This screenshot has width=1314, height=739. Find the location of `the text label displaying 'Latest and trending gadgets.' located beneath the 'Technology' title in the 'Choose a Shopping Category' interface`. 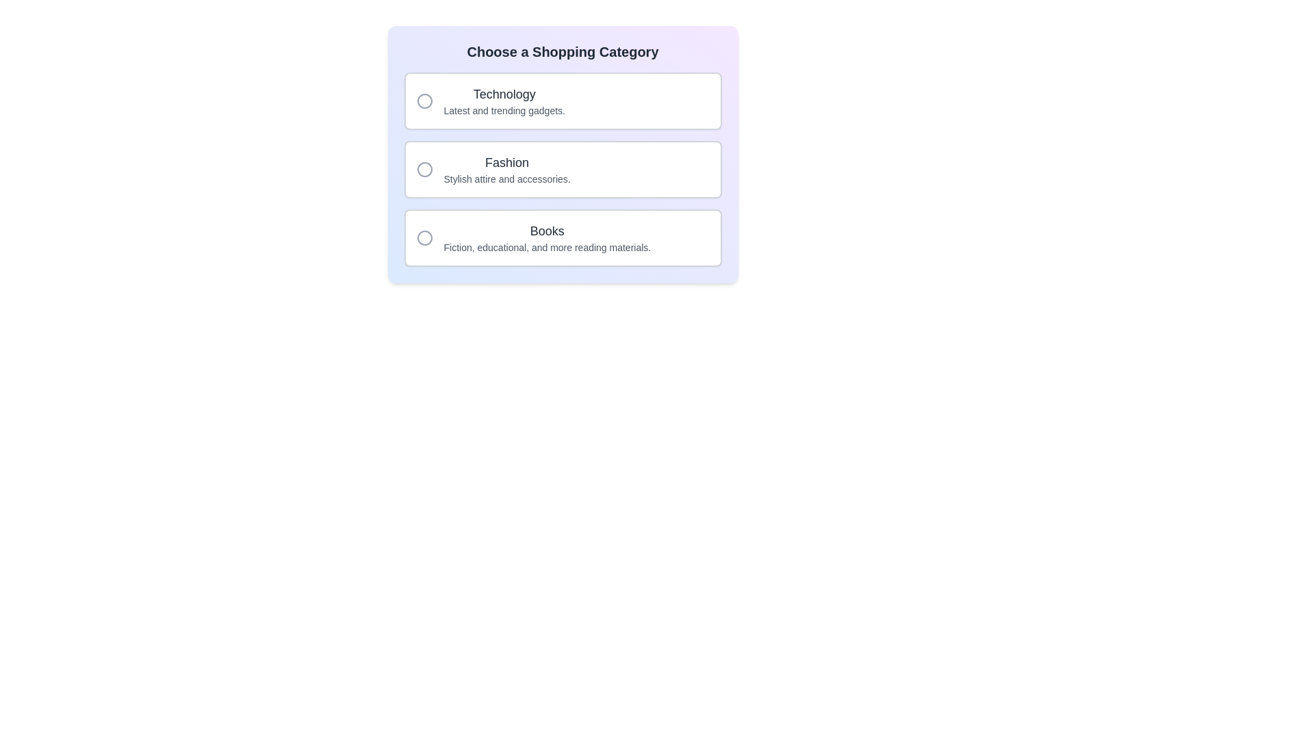

the text label displaying 'Latest and trending gadgets.' located beneath the 'Technology' title in the 'Choose a Shopping Category' interface is located at coordinates (504, 110).